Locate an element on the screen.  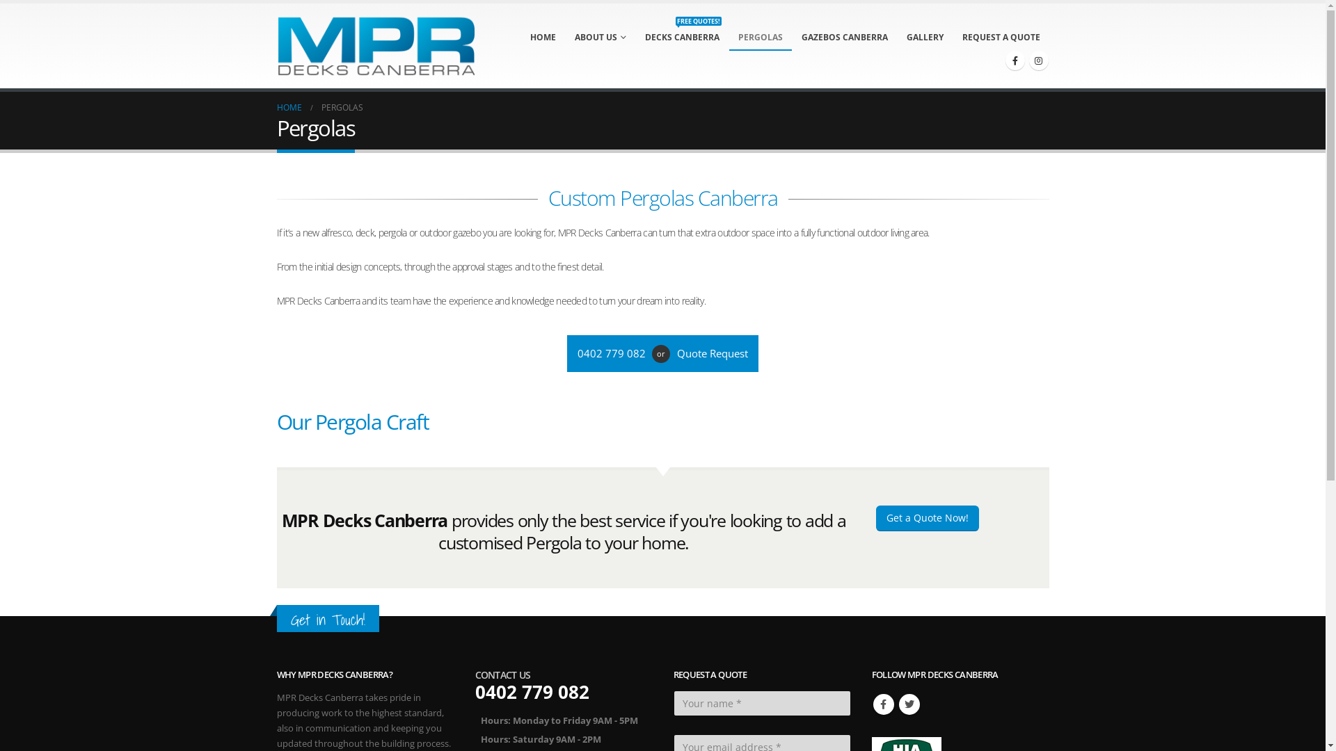
'GAZEBOS CANBERRA' is located at coordinates (843, 36).